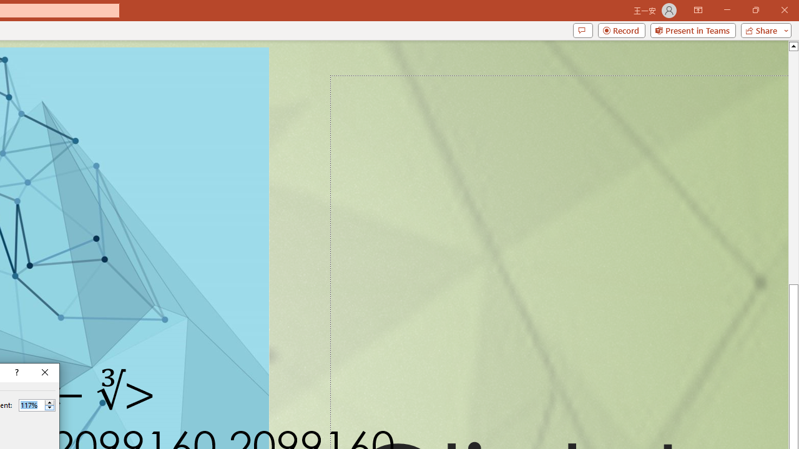 This screenshot has height=449, width=799. Describe the element at coordinates (31, 405) in the screenshot. I see `'Percent'` at that location.